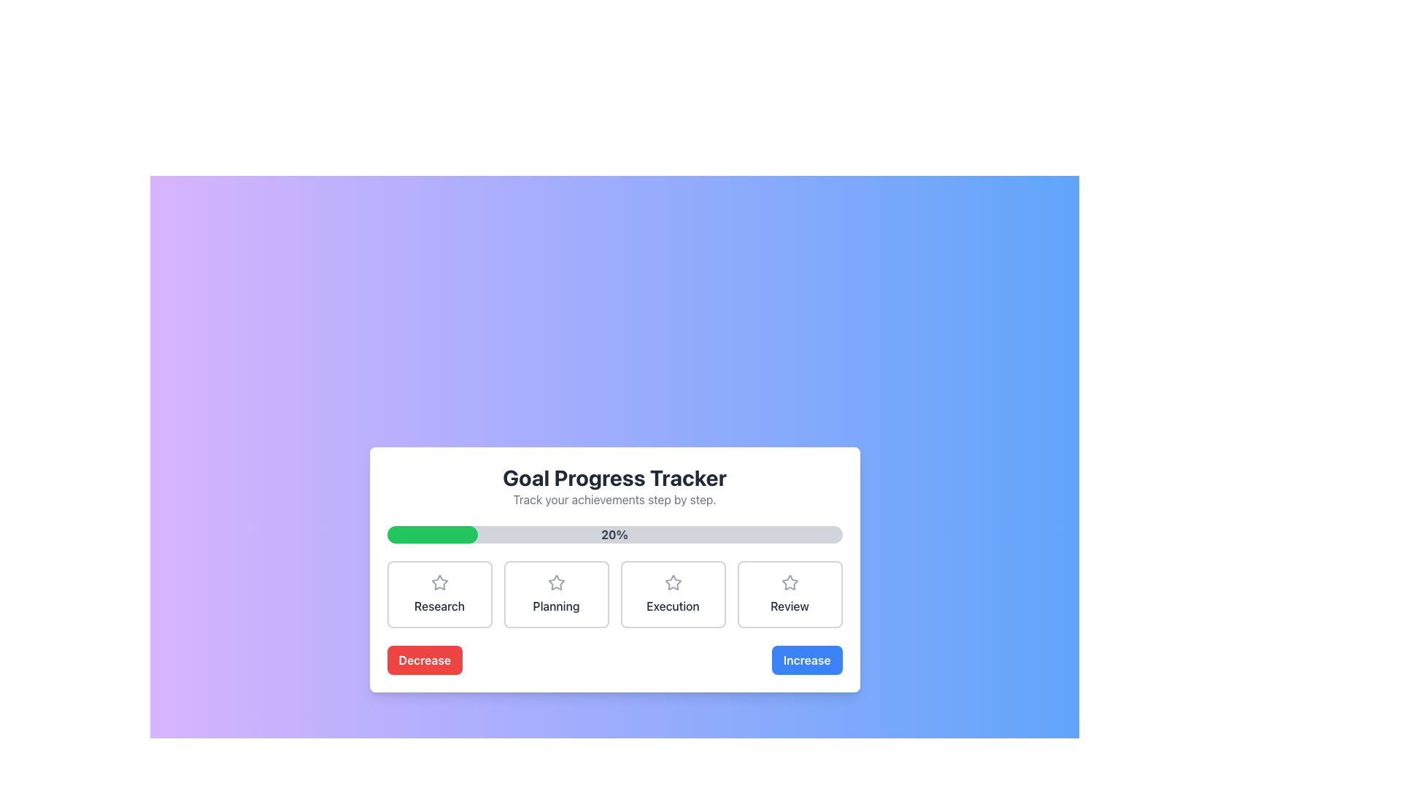 The image size is (1401, 788). What do you see at coordinates (431, 534) in the screenshot?
I see `the progress indicator bar located within the horizontal progress bar of the 'Goal Progress Tracker' card, situated on the leftmost 20% of its width` at bounding box center [431, 534].